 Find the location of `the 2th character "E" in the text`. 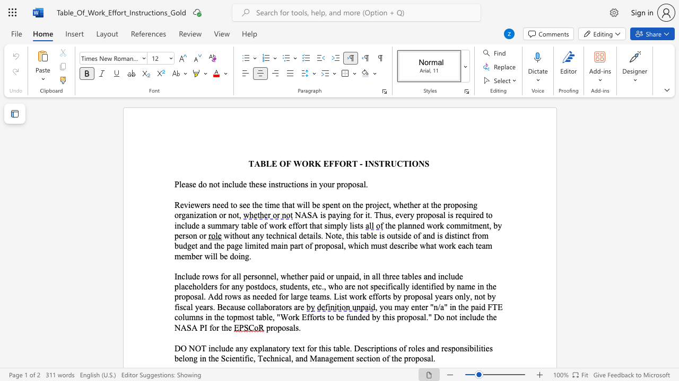

the 2th character "E" in the text is located at coordinates (325, 164).